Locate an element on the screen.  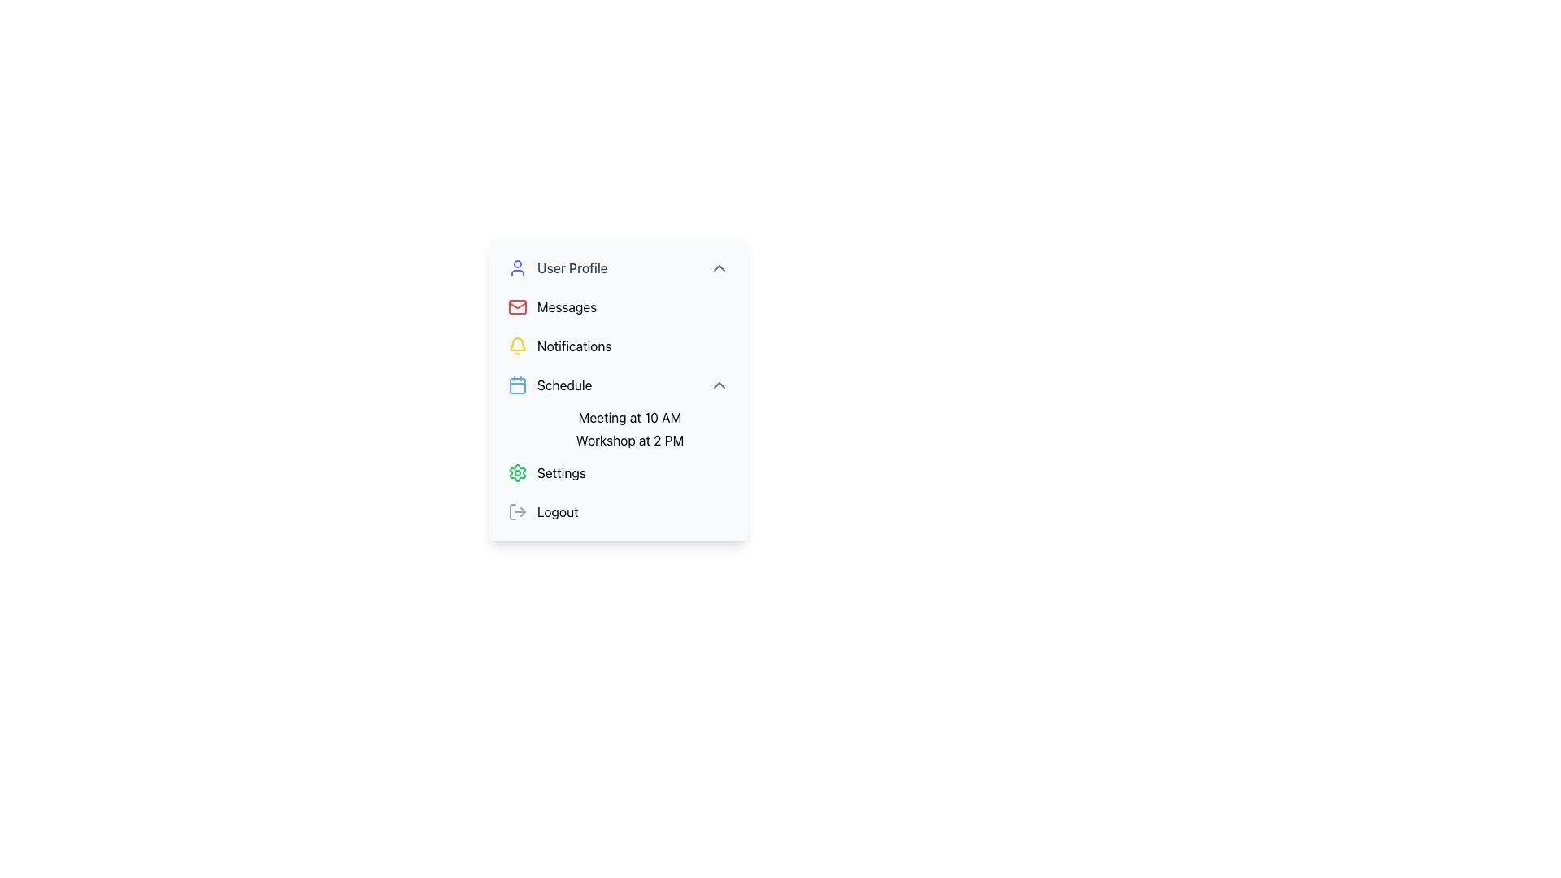
the logout icon, which is a gray minimal line design located to the left of the 'Logout' label at the bottom of the menu is located at coordinates (517, 511).